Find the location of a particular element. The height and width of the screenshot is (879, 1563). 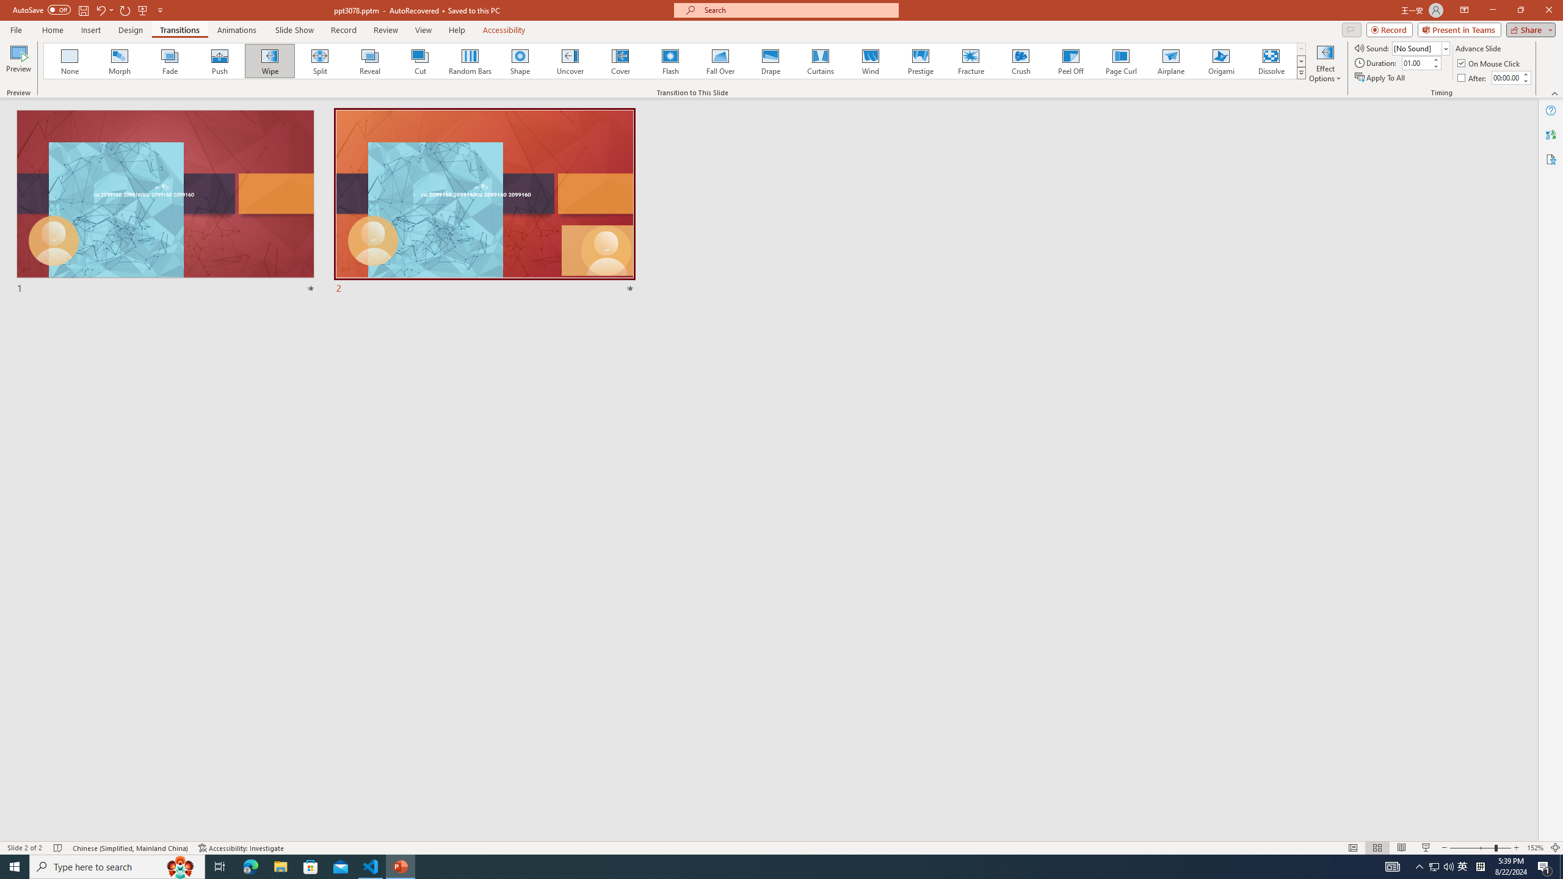

'Transition Effects' is located at coordinates (1301, 72).